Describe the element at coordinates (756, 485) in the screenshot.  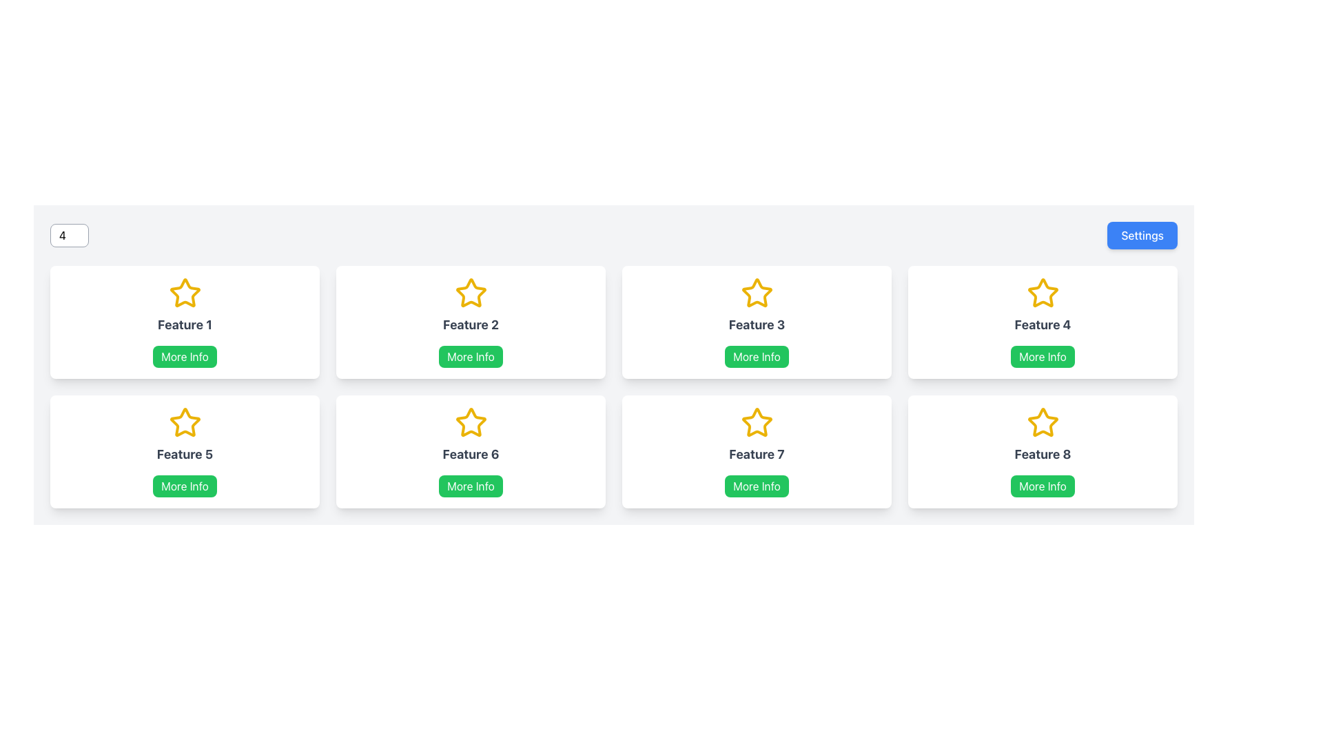
I see `the button below the title 'Feature 7' to potentially display a tooltip` at that location.